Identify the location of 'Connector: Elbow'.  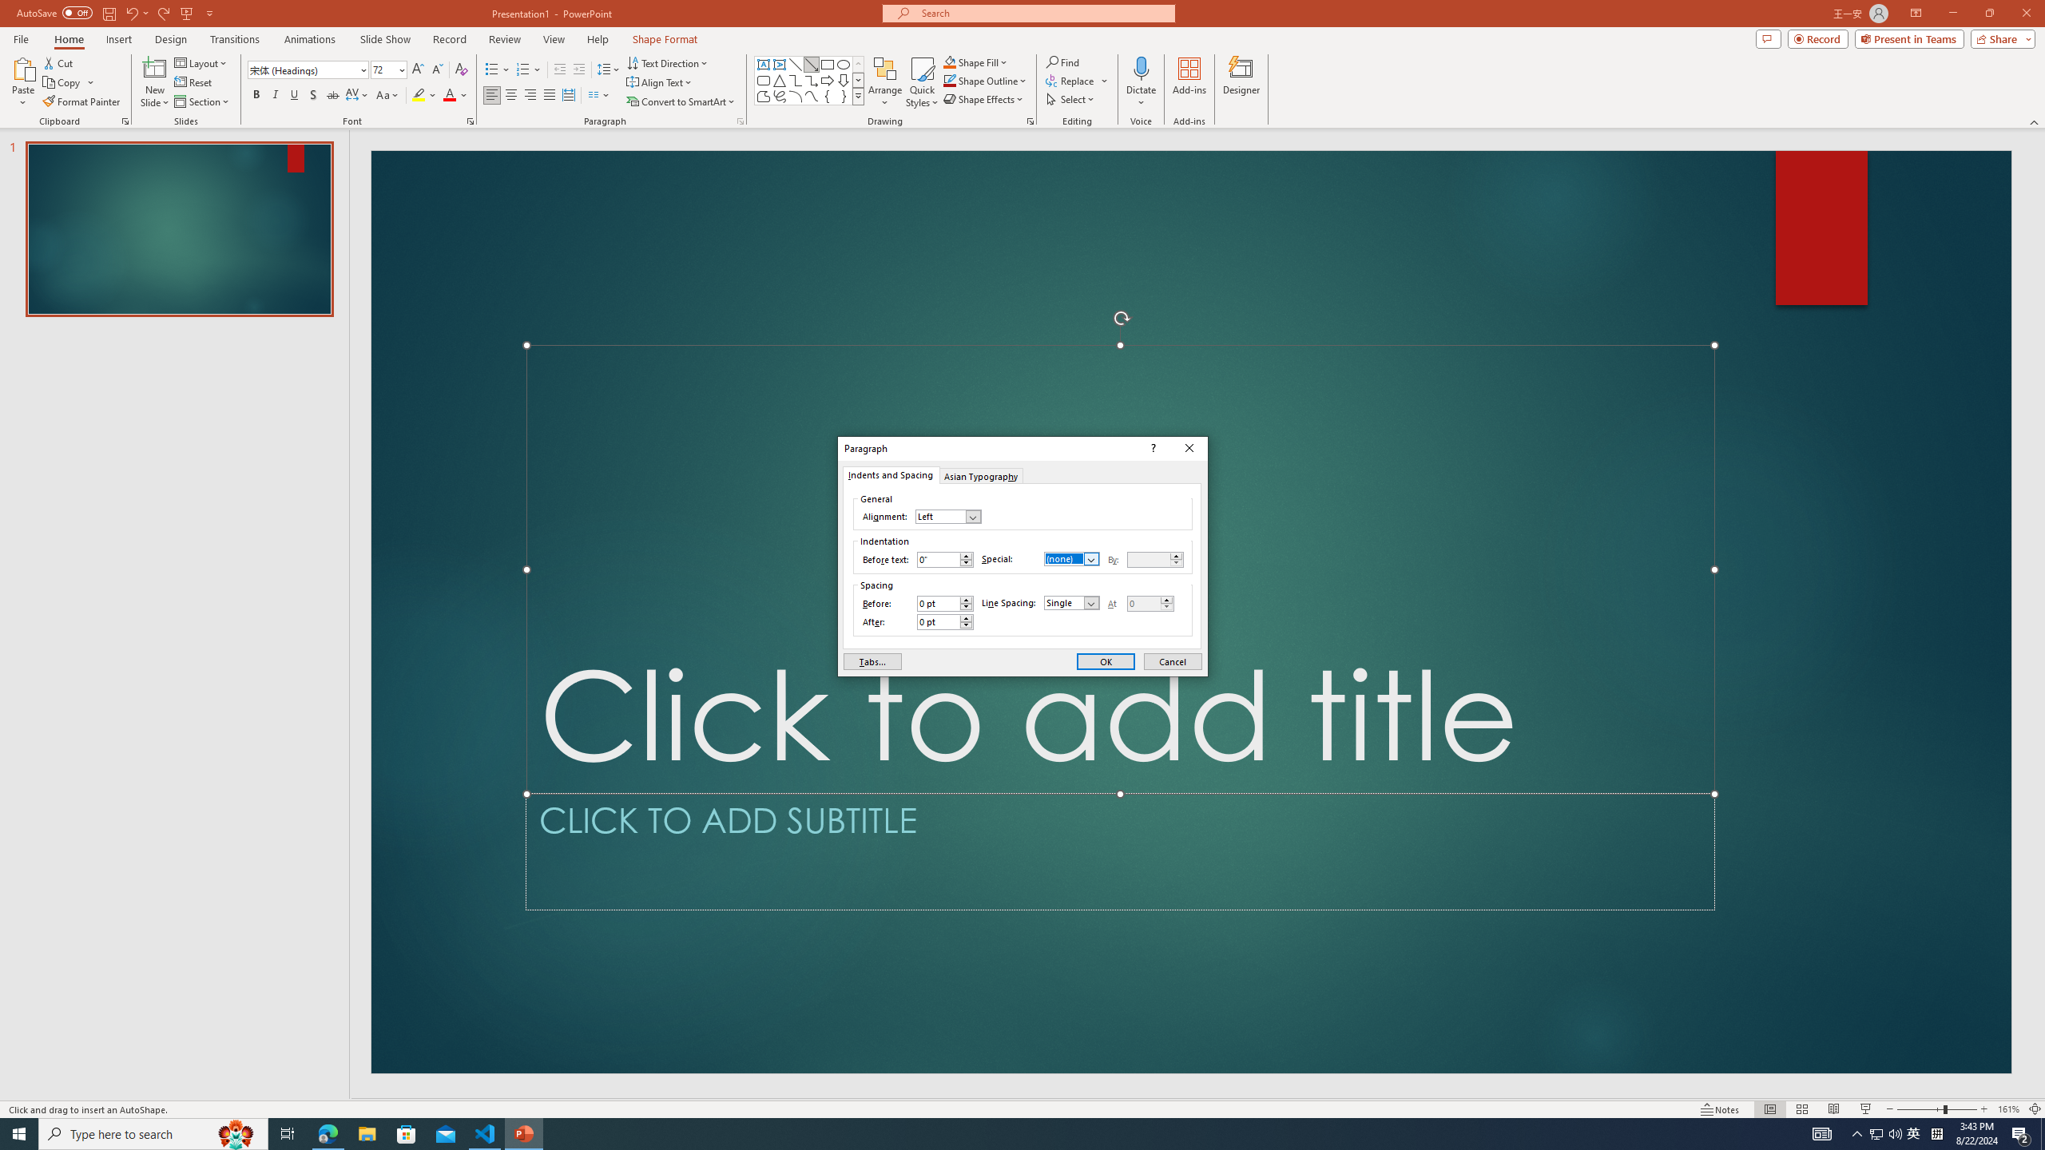
(794, 79).